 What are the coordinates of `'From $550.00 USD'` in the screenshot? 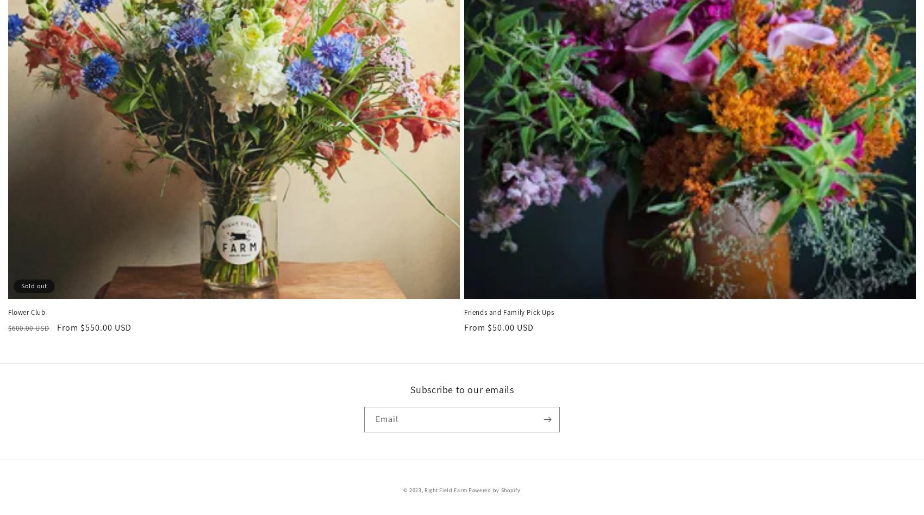 It's located at (93, 327).